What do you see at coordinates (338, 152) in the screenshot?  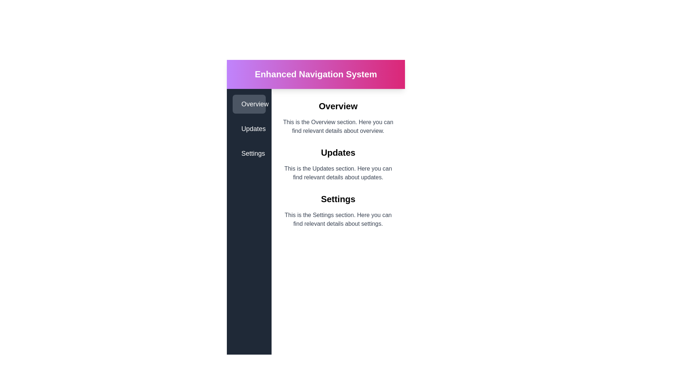 I see `the 'Updates' section header` at bounding box center [338, 152].